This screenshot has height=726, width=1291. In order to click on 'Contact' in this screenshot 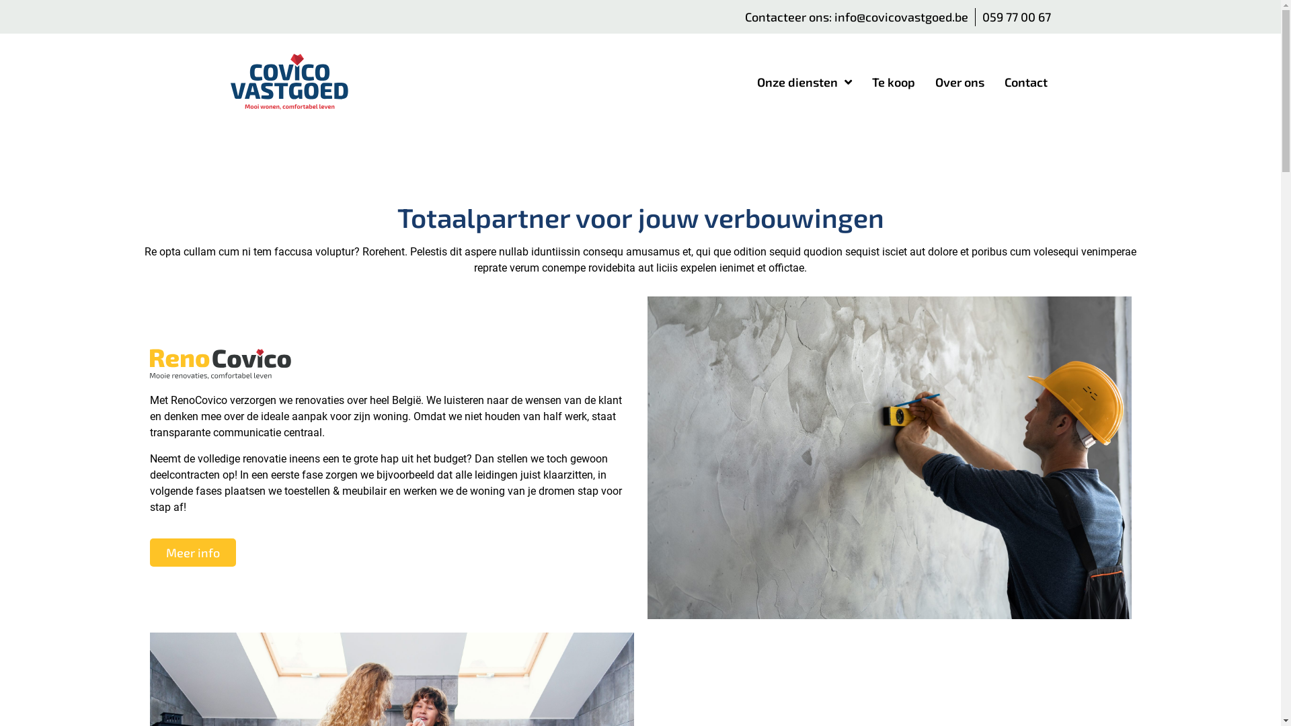, I will do `click(1025, 82)`.